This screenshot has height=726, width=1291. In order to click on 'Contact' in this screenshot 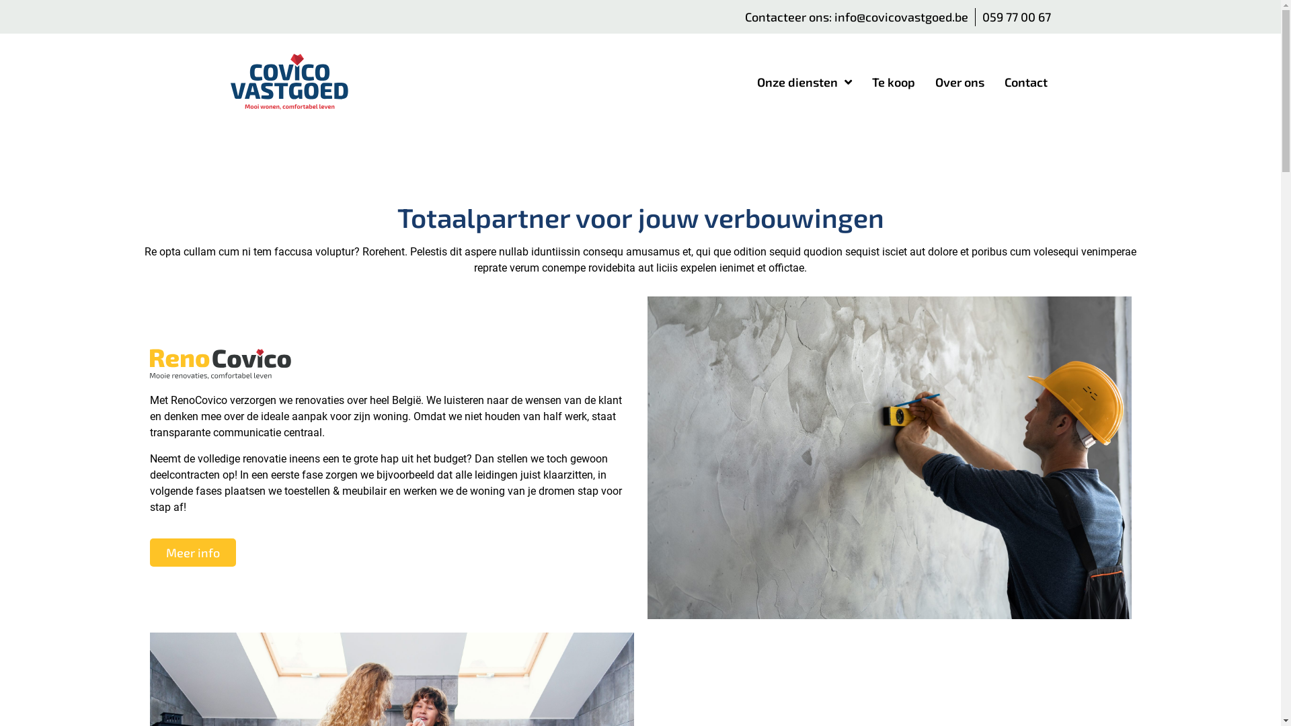, I will do `click(1025, 82)`.